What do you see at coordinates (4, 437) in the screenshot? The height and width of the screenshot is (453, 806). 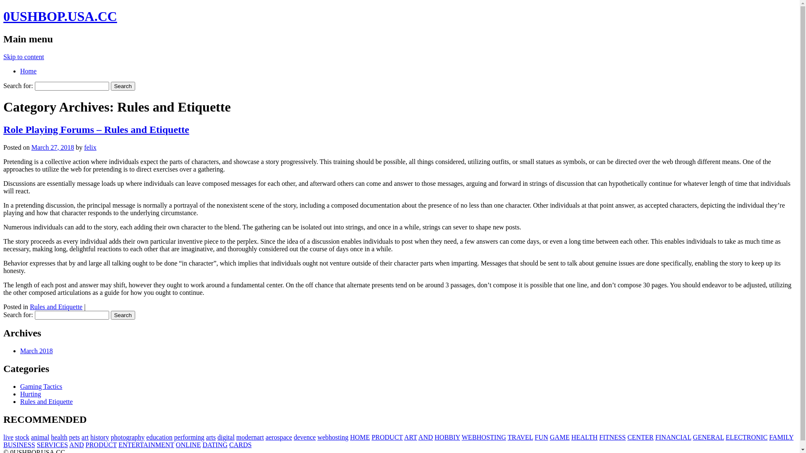 I see `'l'` at bounding box center [4, 437].